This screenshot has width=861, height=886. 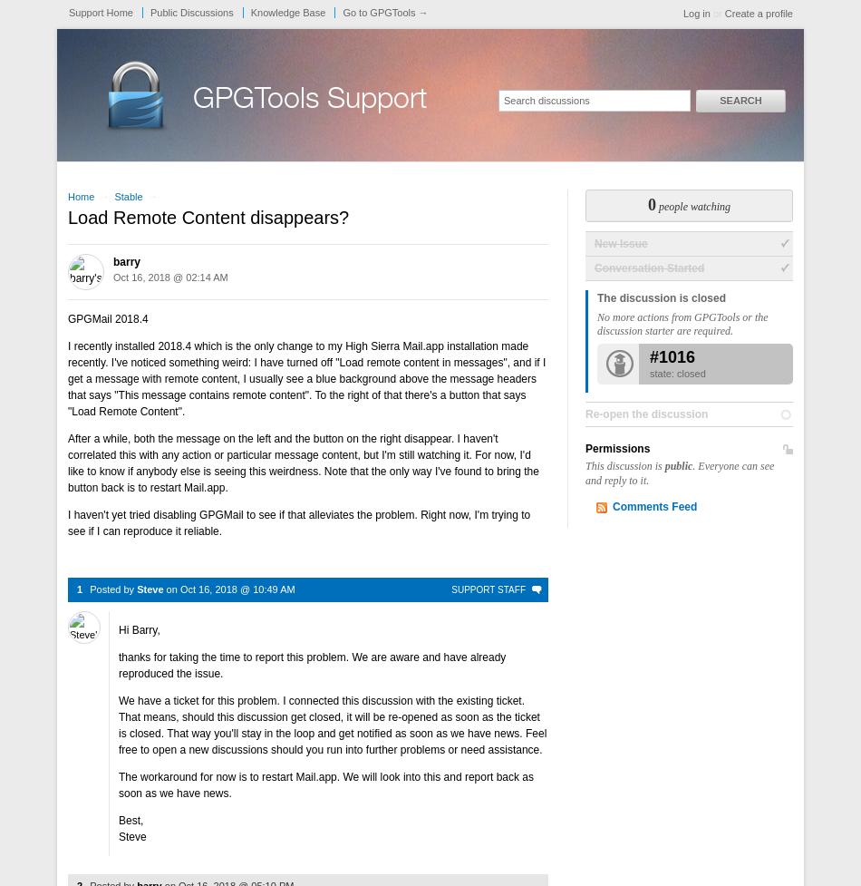 I want to click on 'We have a ticket for this problem. I connected this discussion with the existing ticket. That means, should this discussion get closed, it will be re-opened as soon as the ticket is closed. That way you'll stay in the loop and get notified as soon as we have news. Feel free to open a new discussions should you run into further problems or need assistance.', so click(x=331, y=724).